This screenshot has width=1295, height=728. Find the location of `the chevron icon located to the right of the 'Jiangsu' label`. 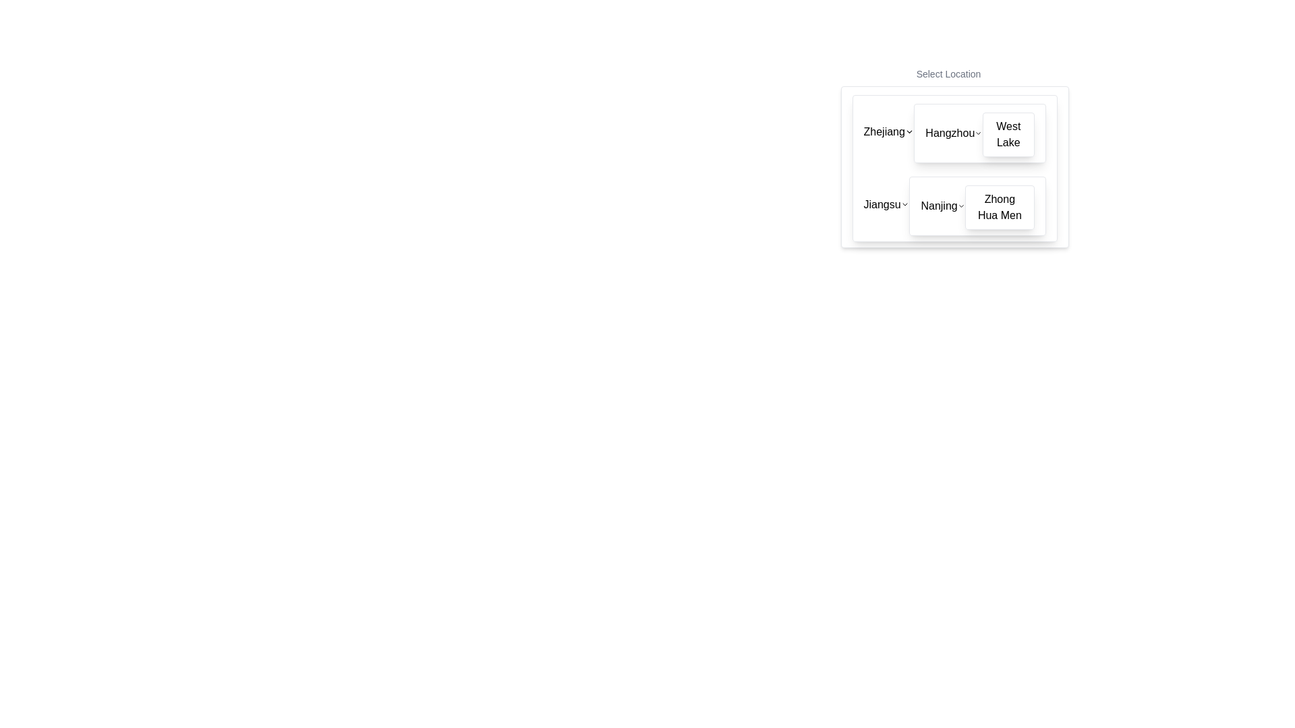

the chevron icon located to the right of the 'Jiangsu' label is located at coordinates (905, 205).